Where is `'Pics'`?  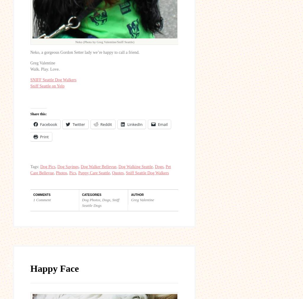 'Pics' is located at coordinates (72, 172).